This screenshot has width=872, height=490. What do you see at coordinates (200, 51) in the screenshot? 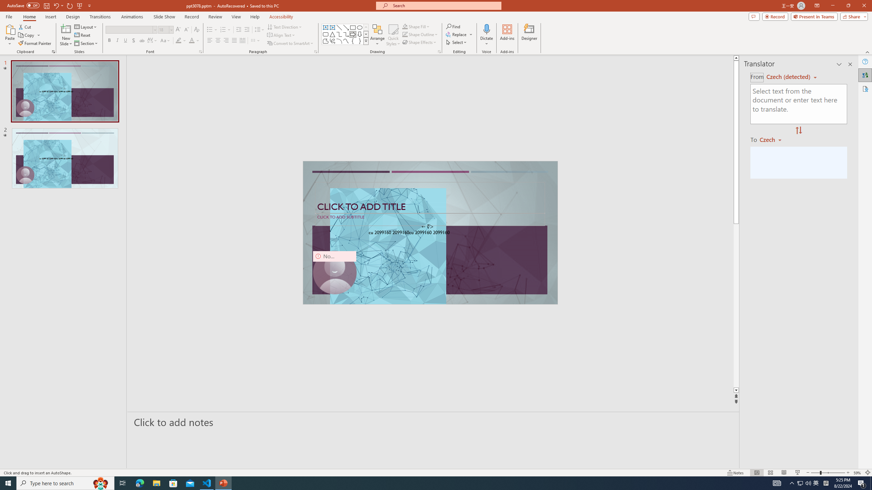
I see `'Font...'` at bounding box center [200, 51].